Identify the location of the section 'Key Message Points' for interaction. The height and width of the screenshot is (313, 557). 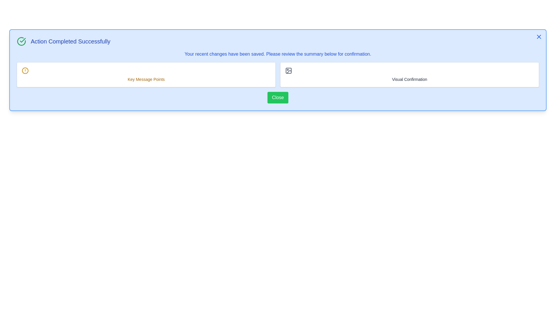
(146, 74).